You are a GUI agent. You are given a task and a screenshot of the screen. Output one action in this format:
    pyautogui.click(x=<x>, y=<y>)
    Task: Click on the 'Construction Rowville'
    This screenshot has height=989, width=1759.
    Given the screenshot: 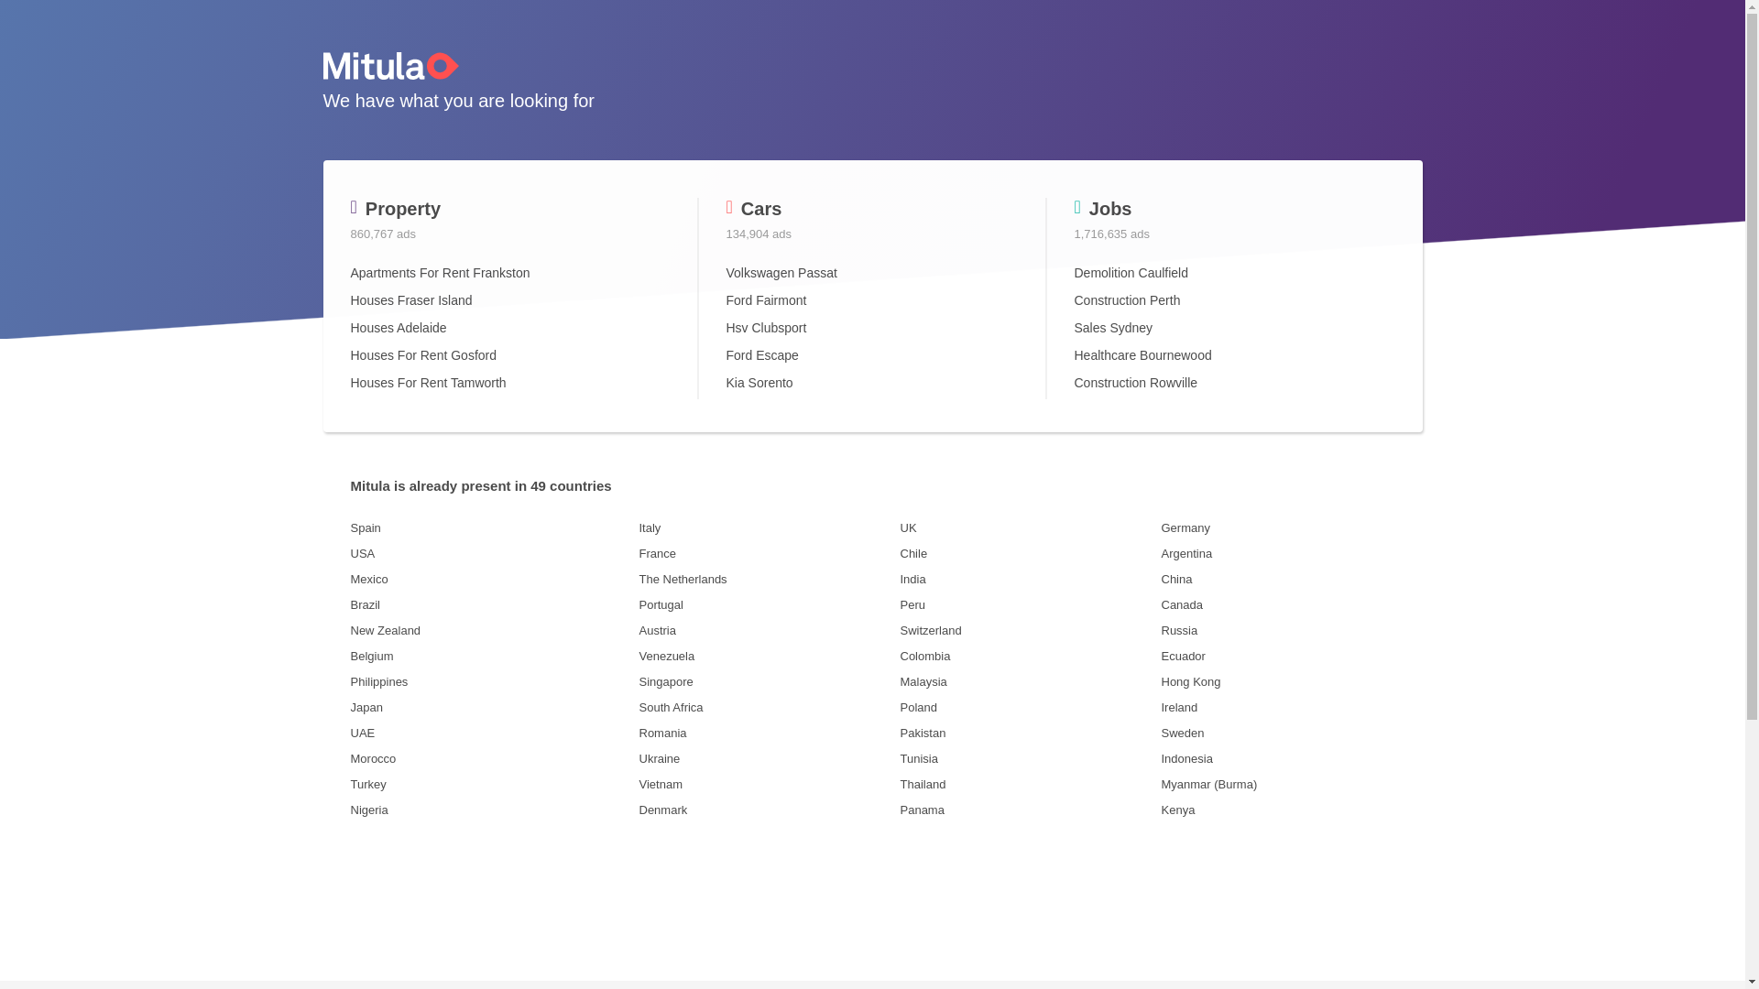 What is the action you would take?
    pyautogui.click(x=1134, y=381)
    